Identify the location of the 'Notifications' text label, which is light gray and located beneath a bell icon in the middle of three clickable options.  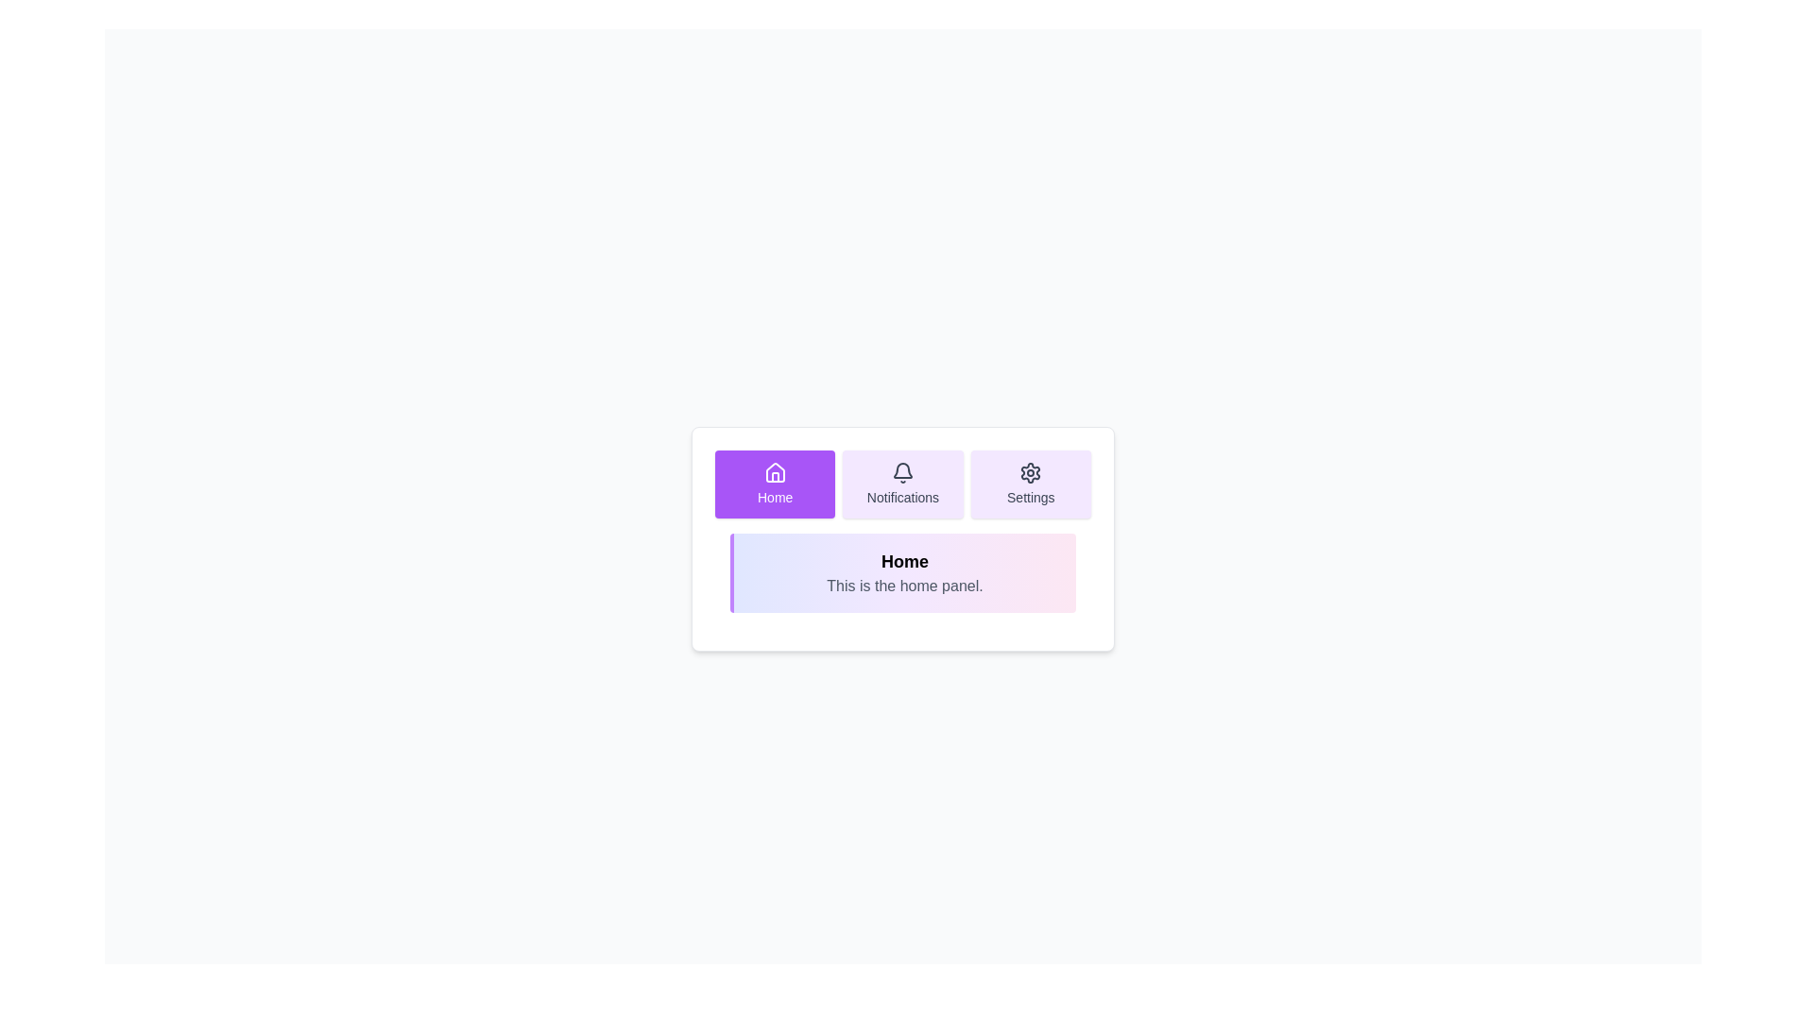
(901, 497).